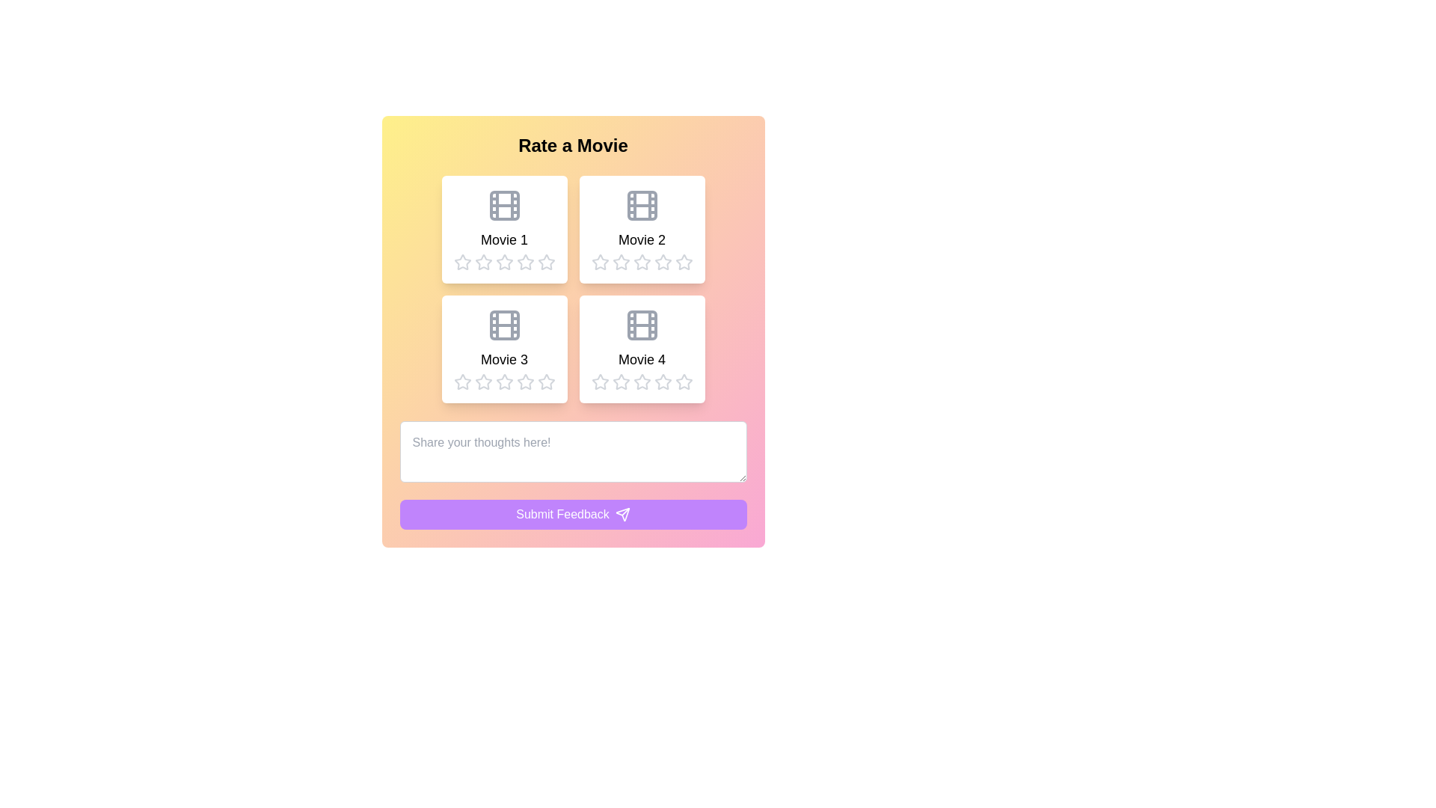  Describe the element at coordinates (683, 261) in the screenshot. I see `the fifth rating star icon for 'Movie 2'` at that location.